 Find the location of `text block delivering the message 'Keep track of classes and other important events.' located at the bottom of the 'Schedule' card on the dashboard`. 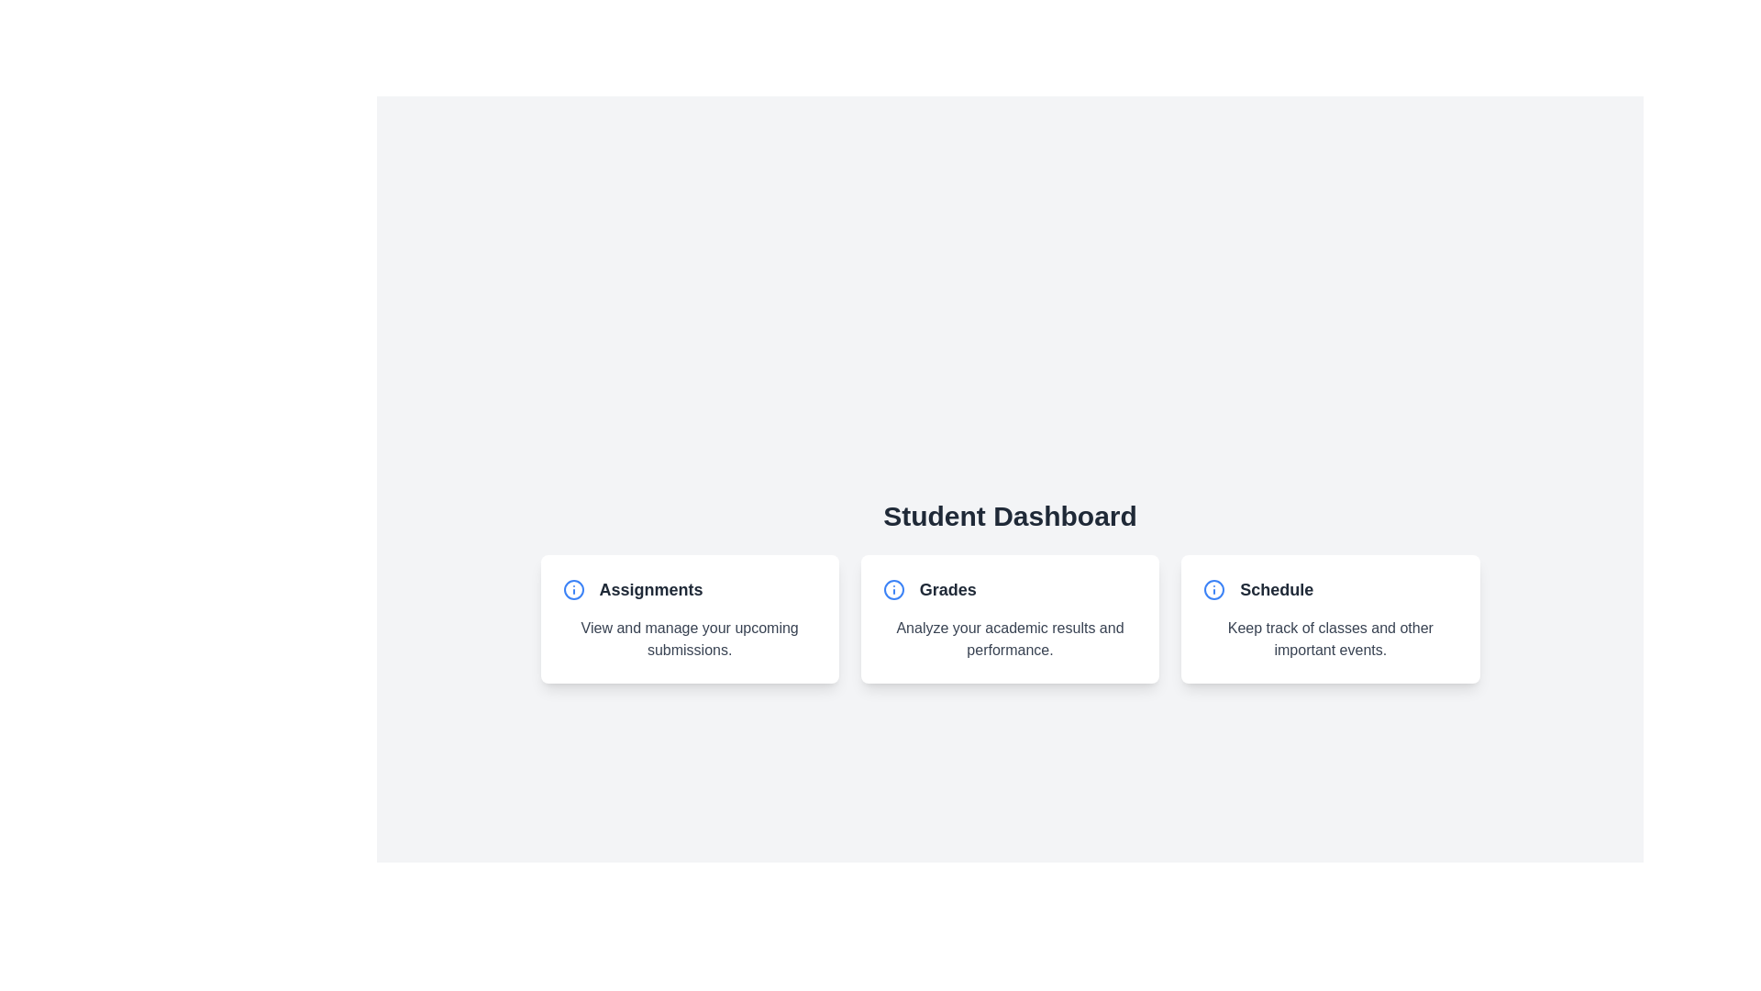

text block delivering the message 'Keep track of classes and other important events.' located at the bottom of the 'Schedule' card on the dashboard is located at coordinates (1330, 639).